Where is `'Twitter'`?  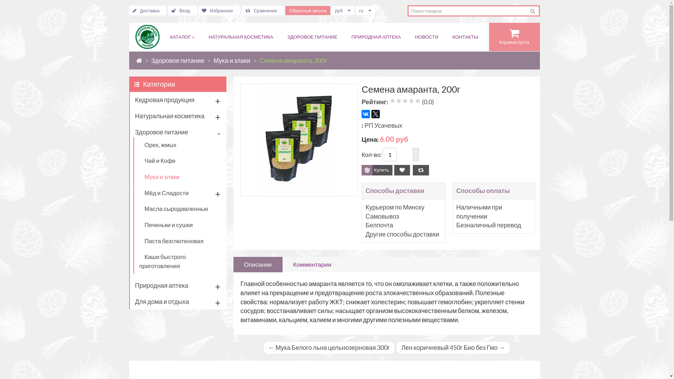
'Twitter' is located at coordinates (375, 113).